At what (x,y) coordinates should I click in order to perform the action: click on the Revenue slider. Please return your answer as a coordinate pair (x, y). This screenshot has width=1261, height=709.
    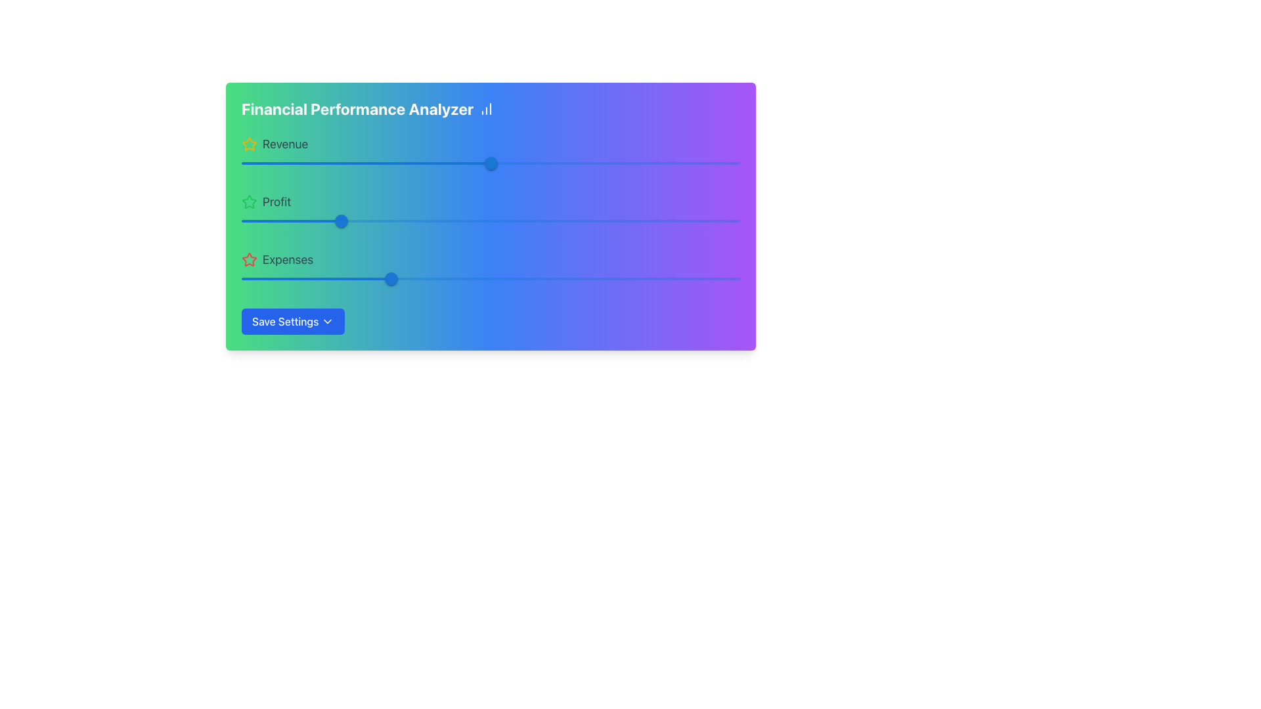
    Looking at the image, I should click on (590, 163).